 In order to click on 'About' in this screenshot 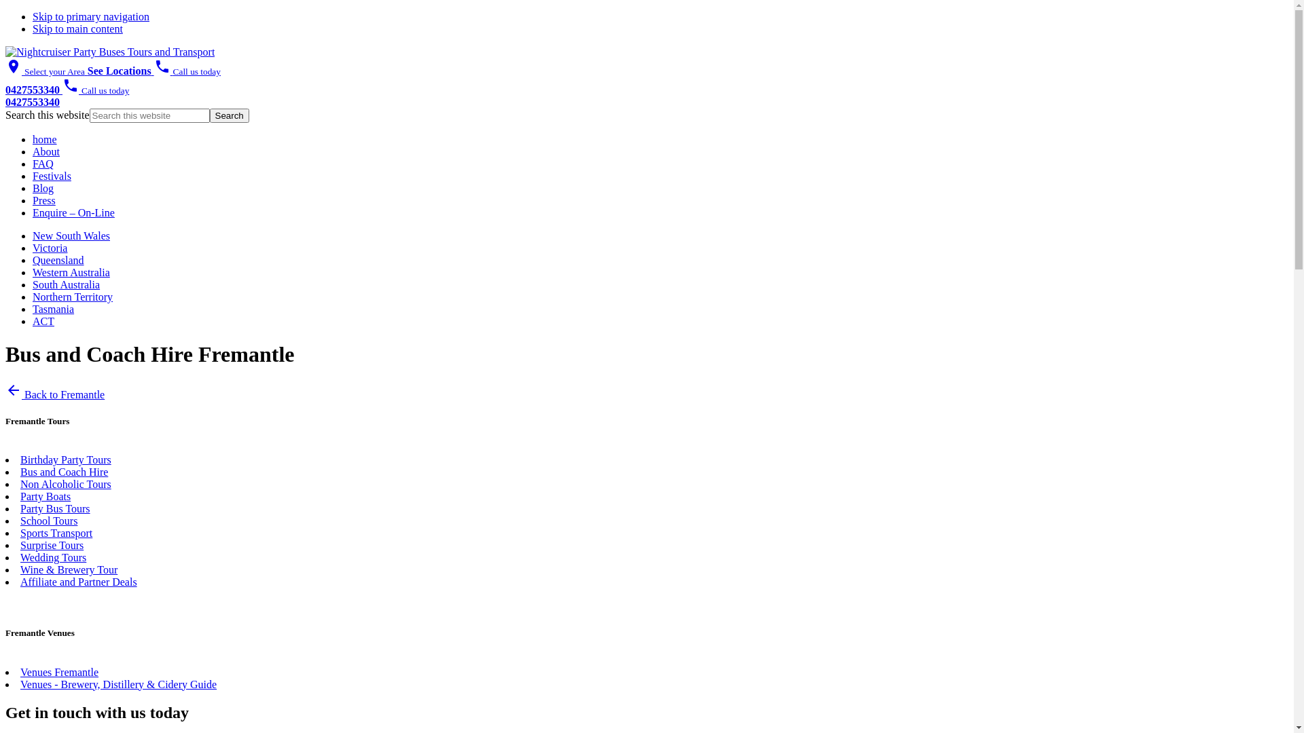, I will do `click(46, 151)`.